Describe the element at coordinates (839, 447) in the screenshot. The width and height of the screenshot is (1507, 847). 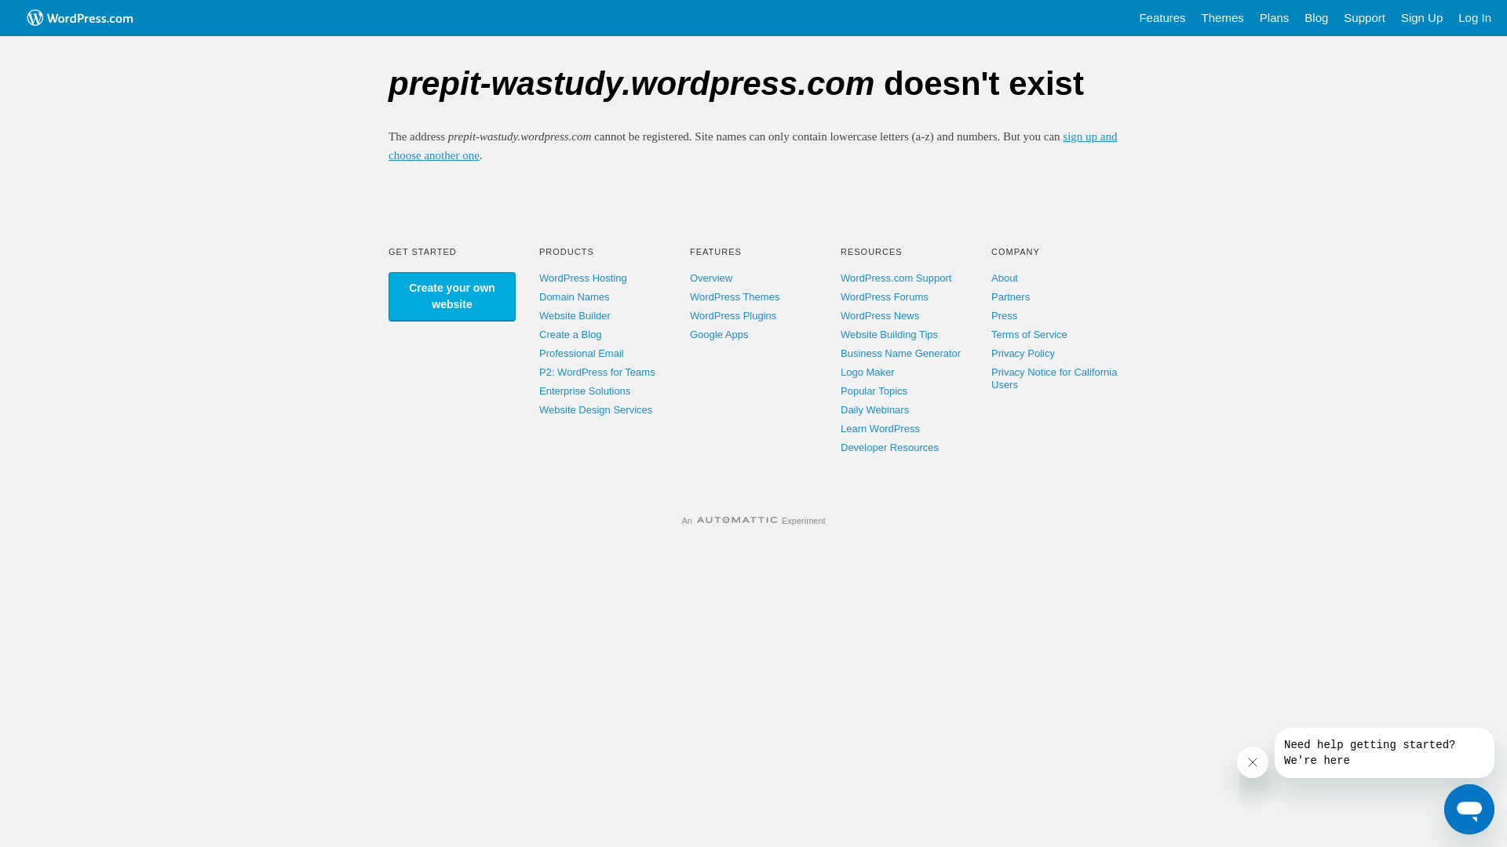
I see `'Developer Resources'` at that location.